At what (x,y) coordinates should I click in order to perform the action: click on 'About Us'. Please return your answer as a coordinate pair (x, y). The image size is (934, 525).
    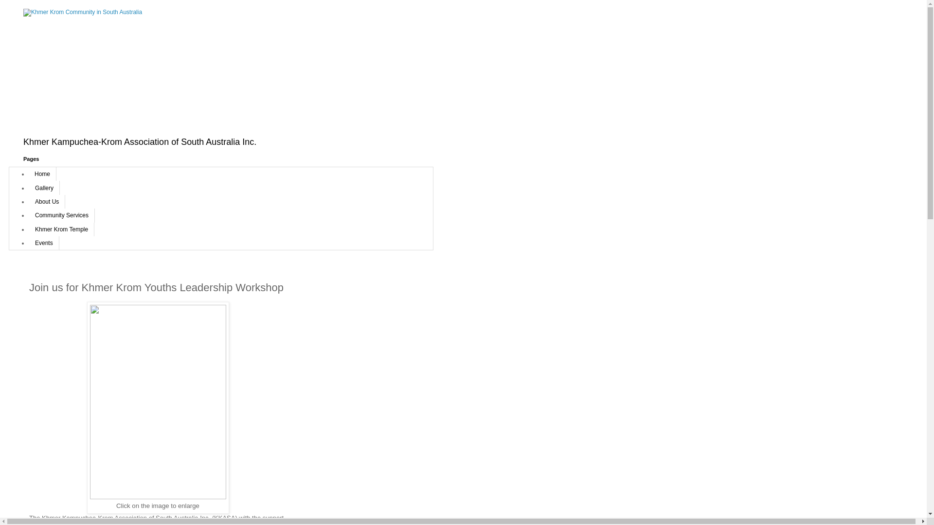
    Looking at the image, I should click on (46, 201).